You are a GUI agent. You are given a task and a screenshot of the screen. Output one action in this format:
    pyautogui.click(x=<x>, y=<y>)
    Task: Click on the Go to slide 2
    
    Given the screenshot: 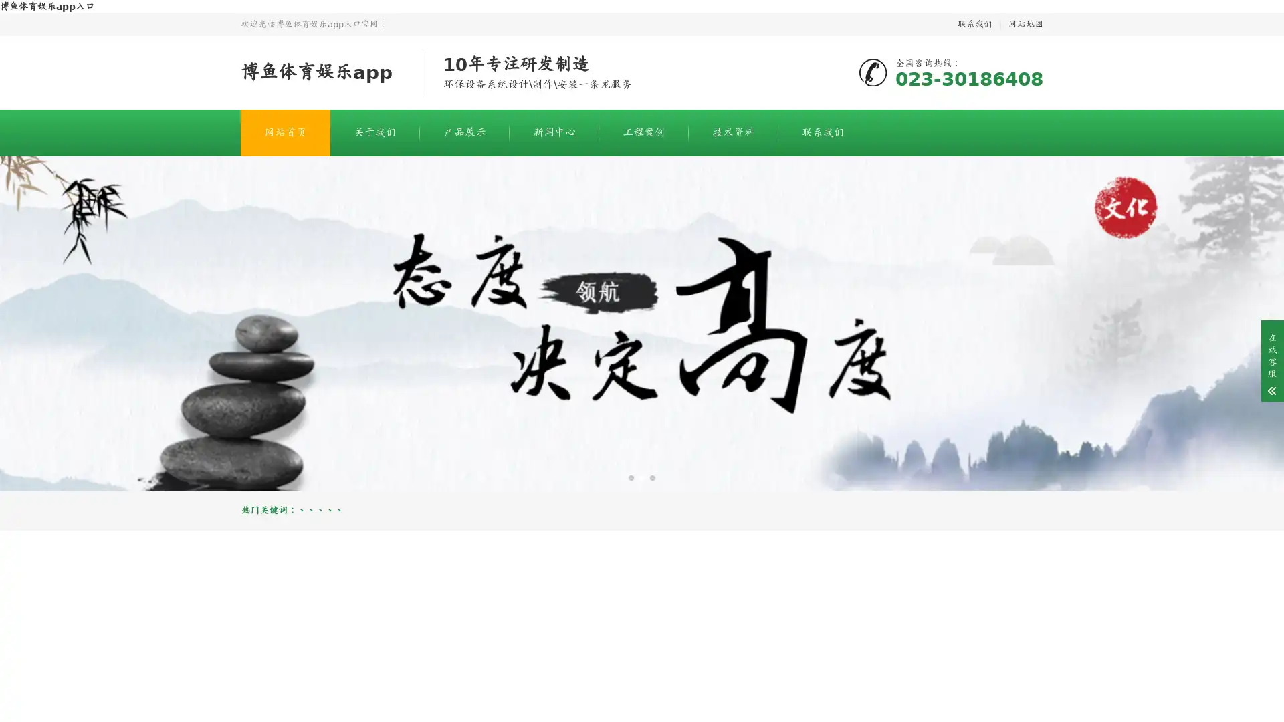 What is the action you would take?
    pyautogui.click(x=642, y=477)
    